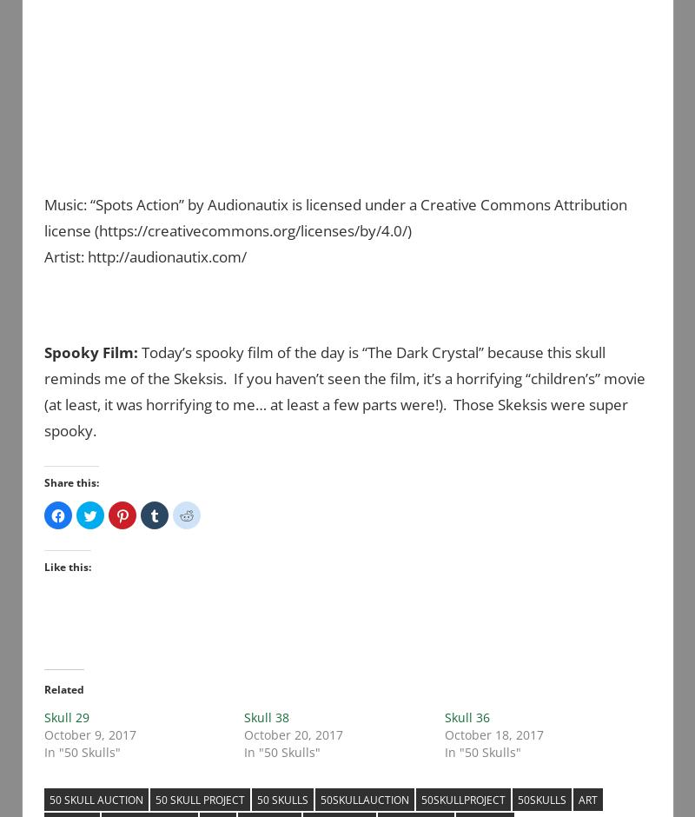  What do you see at coordinates (64, 689) in the screenshot?
I see `'Related'` at bounding box center [64, 689].